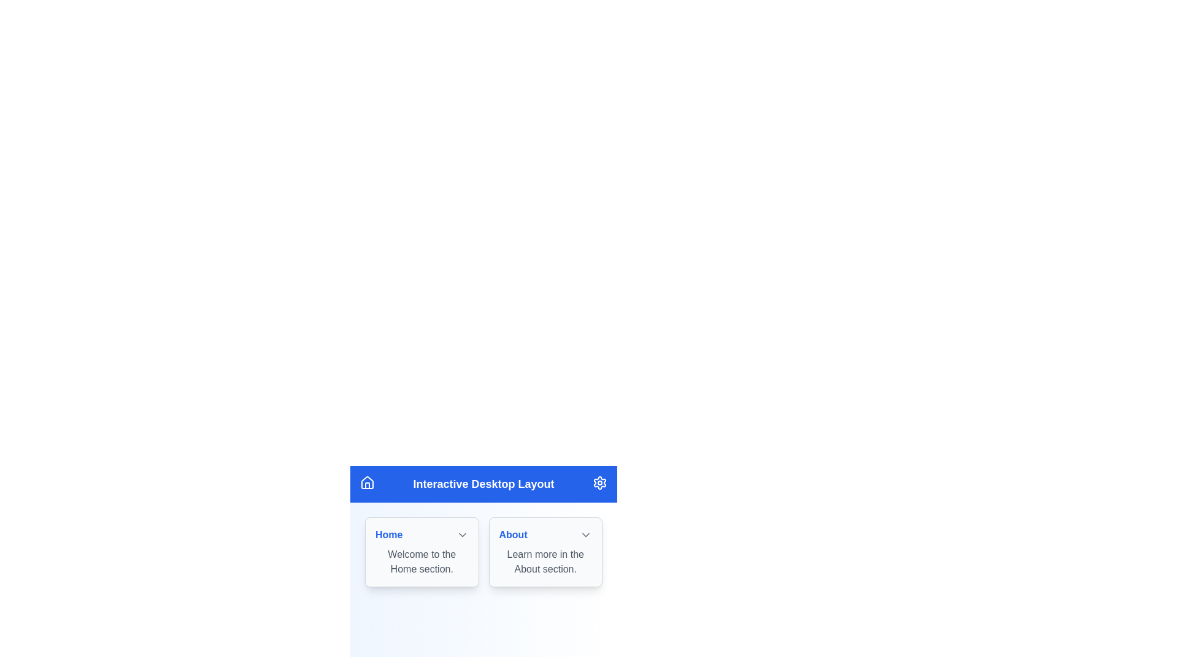  What do you see at coordinates (483, 484) in the screenshot?
I see `the text component displaying 'Interactive Desktop Layout' in bold white font, located in the center of the blue header bar` at bounding box center [483, 484].